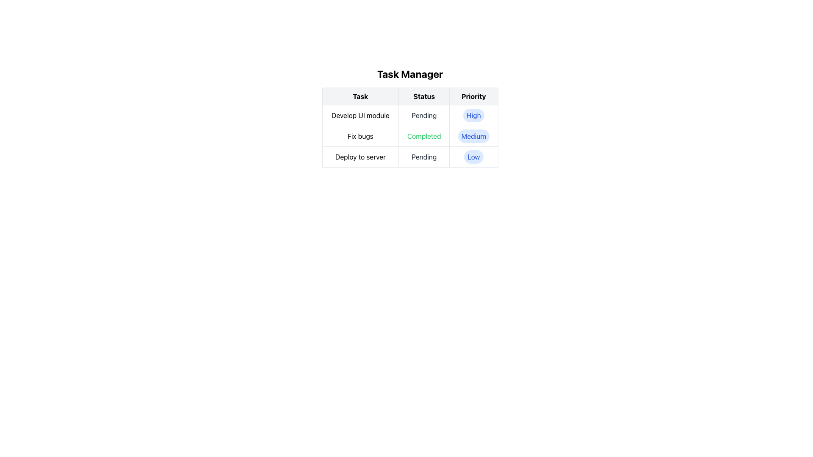 The image size is (813, 457). Describe the element at coordinates (473, 116) in the screenshot. I see `the priority level indicator button in the 'Priority' column of the 'Task Manager' table for the 'Develop UI module' task` at that location.